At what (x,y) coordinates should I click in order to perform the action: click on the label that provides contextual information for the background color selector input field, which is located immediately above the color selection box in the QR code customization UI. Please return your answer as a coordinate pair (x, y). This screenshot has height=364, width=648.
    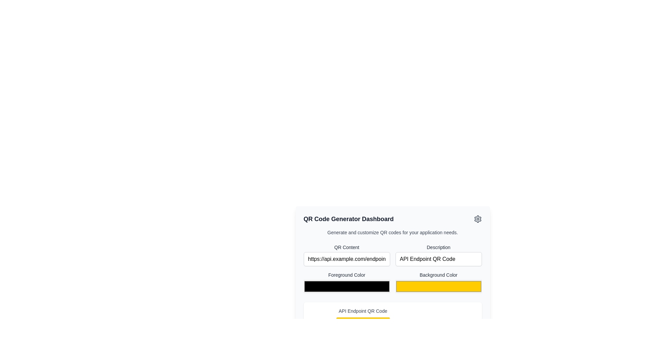
    Looking at the image, I should click on (438, 275).